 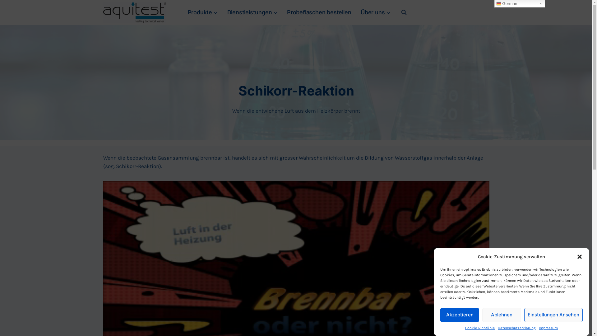 I want to click on 'Ablehnen', so click(x=502, y=315).